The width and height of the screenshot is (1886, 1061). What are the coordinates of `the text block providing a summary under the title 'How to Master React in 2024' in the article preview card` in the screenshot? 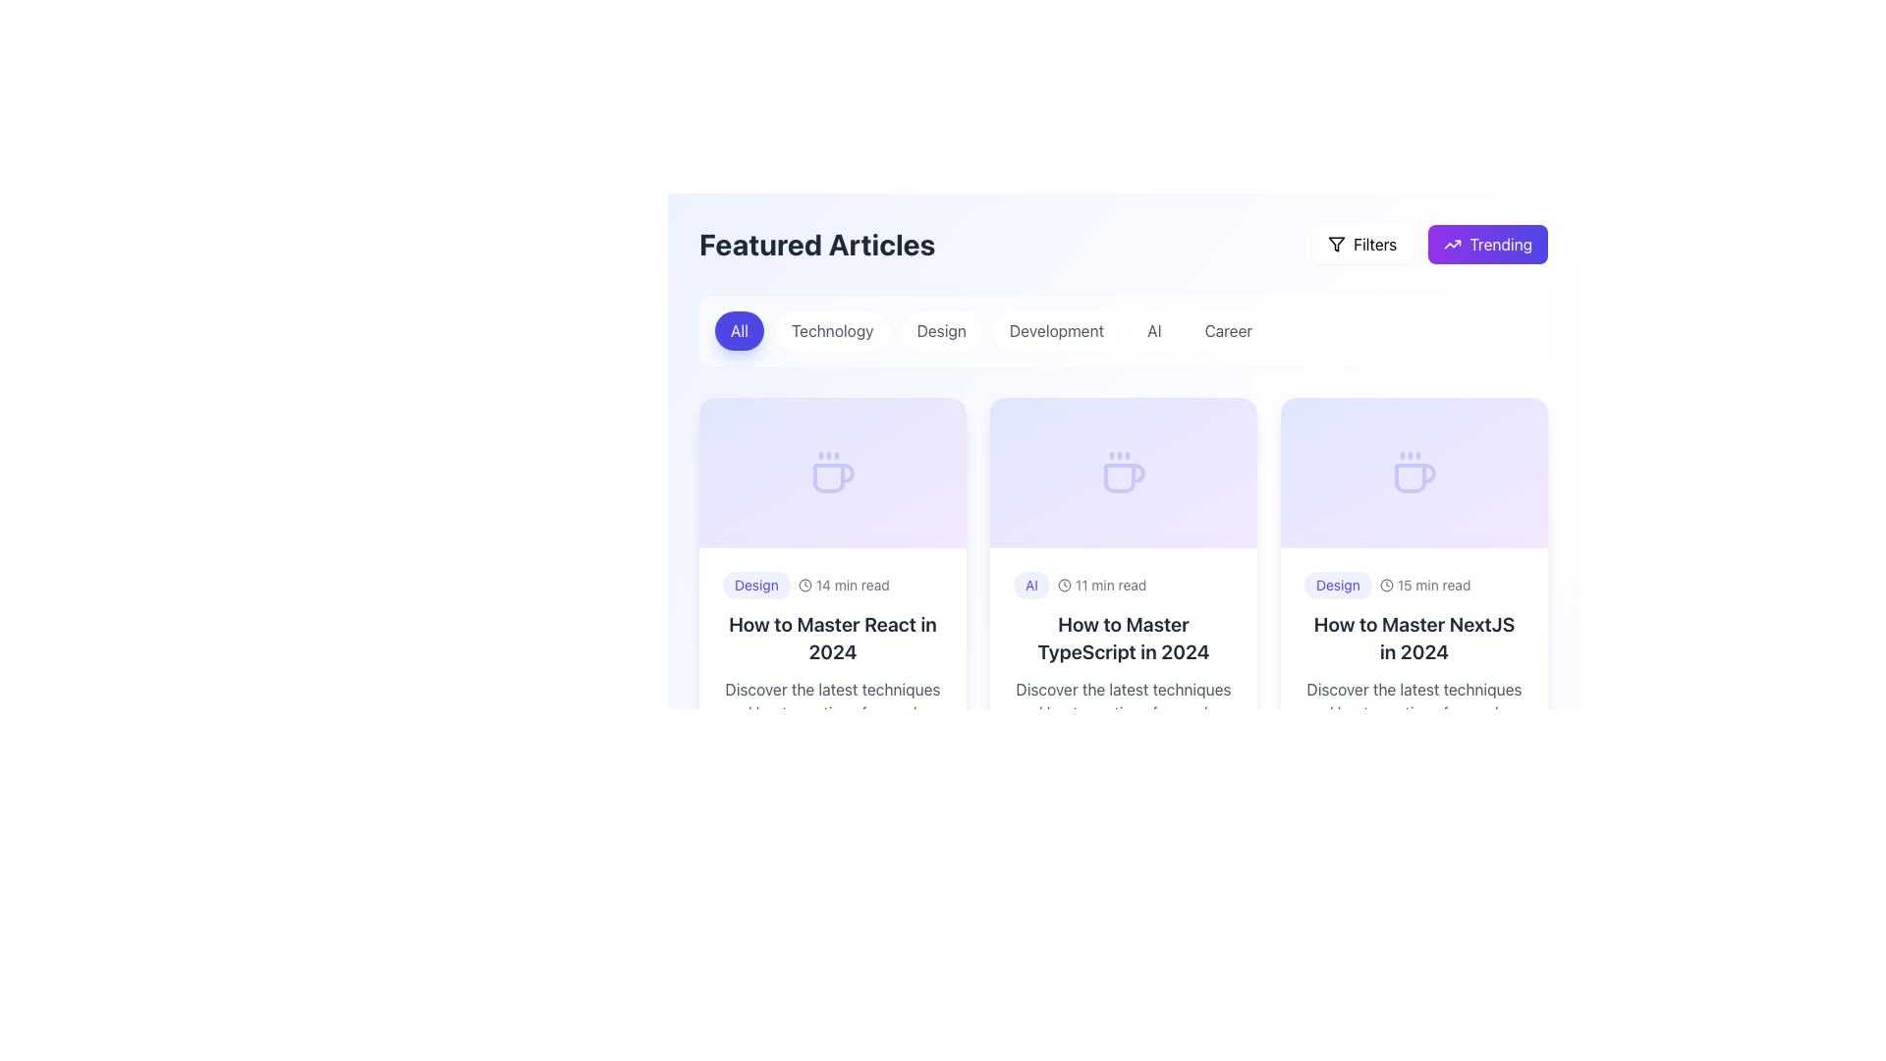 It's located at (833, 699).